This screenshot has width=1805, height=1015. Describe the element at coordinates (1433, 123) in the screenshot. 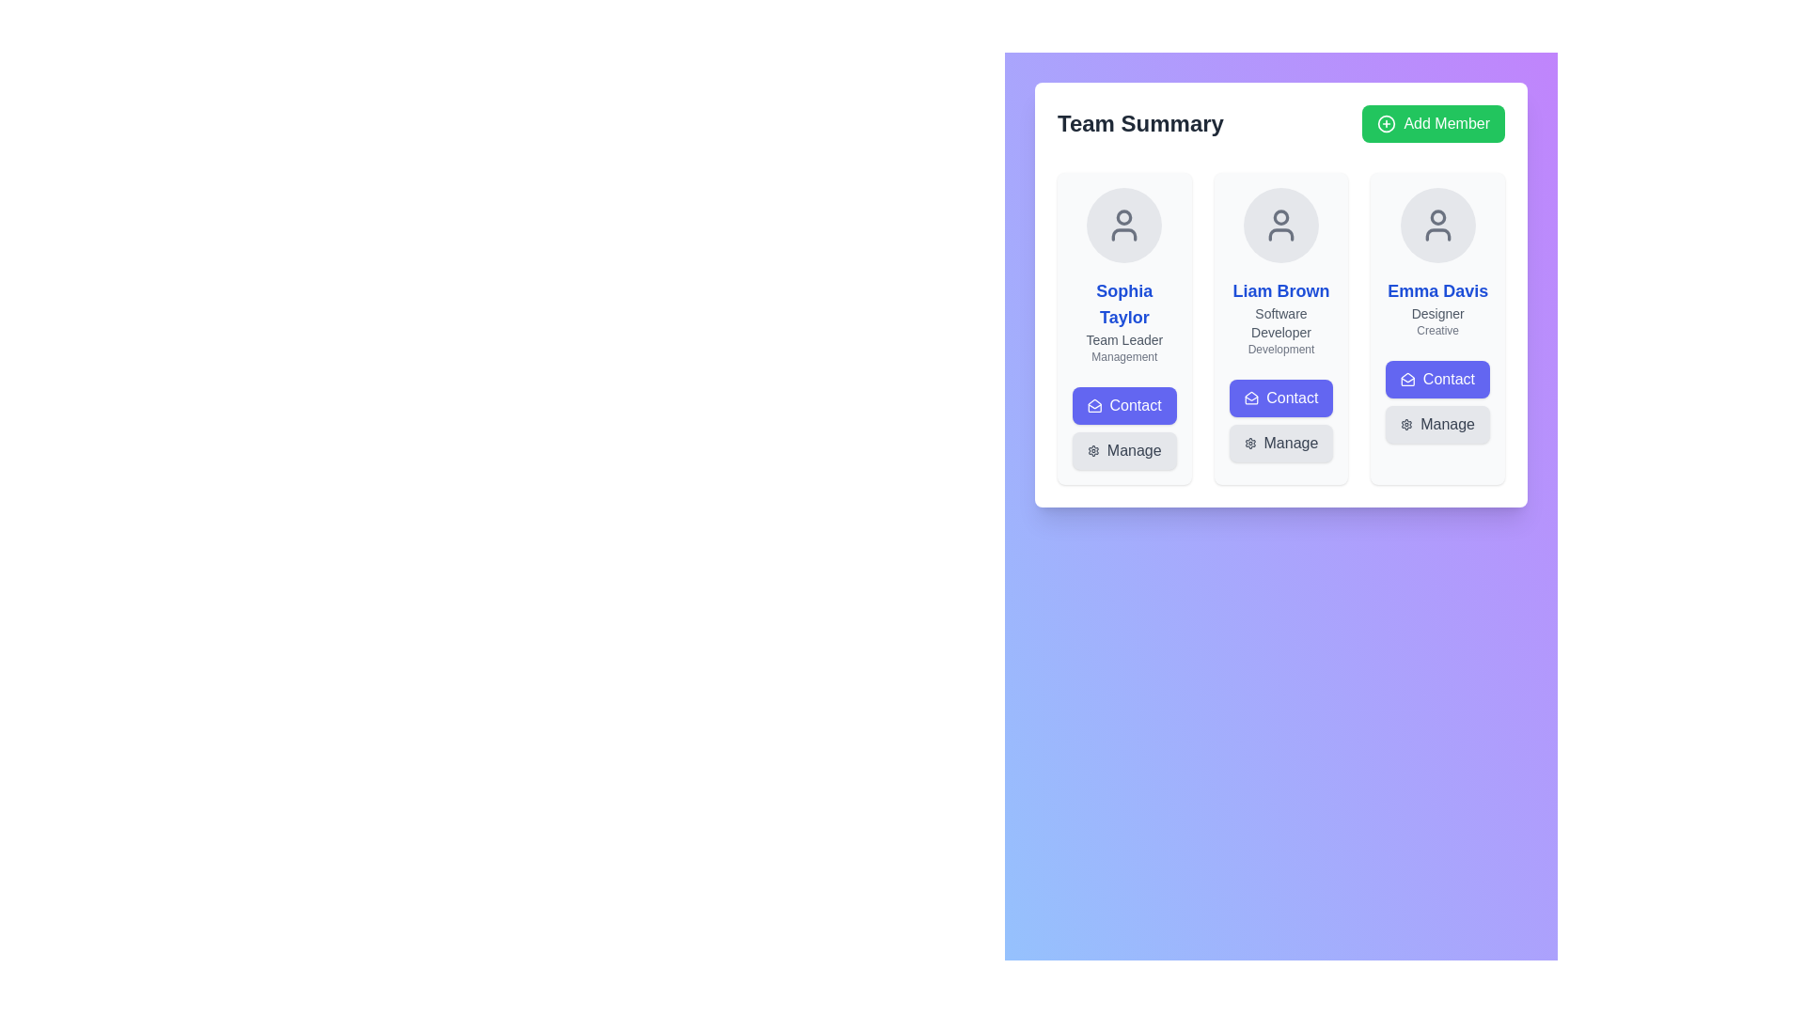

I see `the 'Add Member' button with a green background and white text located in the top-right corner of the 'Team Summary' section to initiate adding a new member` at that location.